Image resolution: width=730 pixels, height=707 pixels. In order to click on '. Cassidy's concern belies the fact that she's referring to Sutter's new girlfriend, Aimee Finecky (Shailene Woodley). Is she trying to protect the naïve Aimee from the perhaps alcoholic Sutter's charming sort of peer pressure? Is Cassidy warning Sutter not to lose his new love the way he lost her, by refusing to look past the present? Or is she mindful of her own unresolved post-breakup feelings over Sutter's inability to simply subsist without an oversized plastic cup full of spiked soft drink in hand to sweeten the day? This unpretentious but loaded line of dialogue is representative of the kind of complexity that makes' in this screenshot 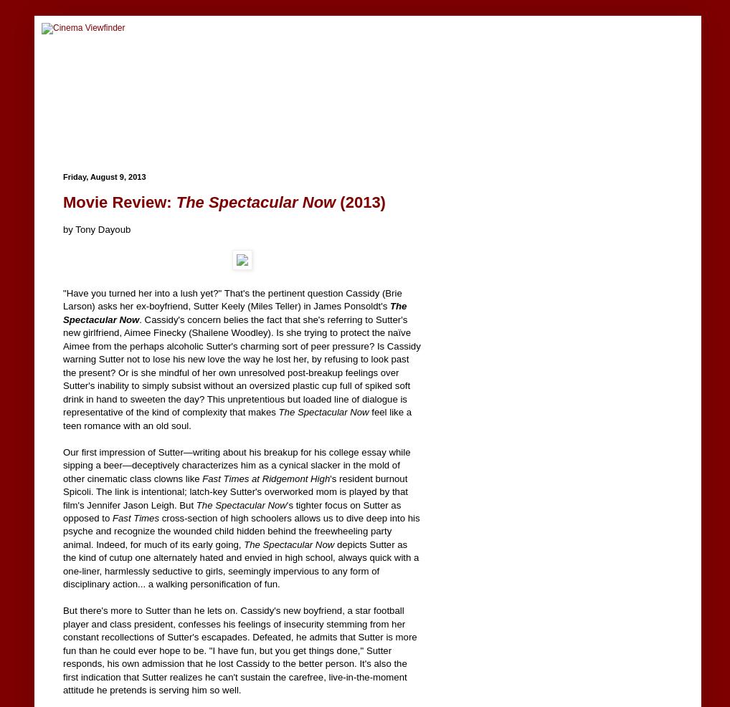, I will do `click(240, 365)`.